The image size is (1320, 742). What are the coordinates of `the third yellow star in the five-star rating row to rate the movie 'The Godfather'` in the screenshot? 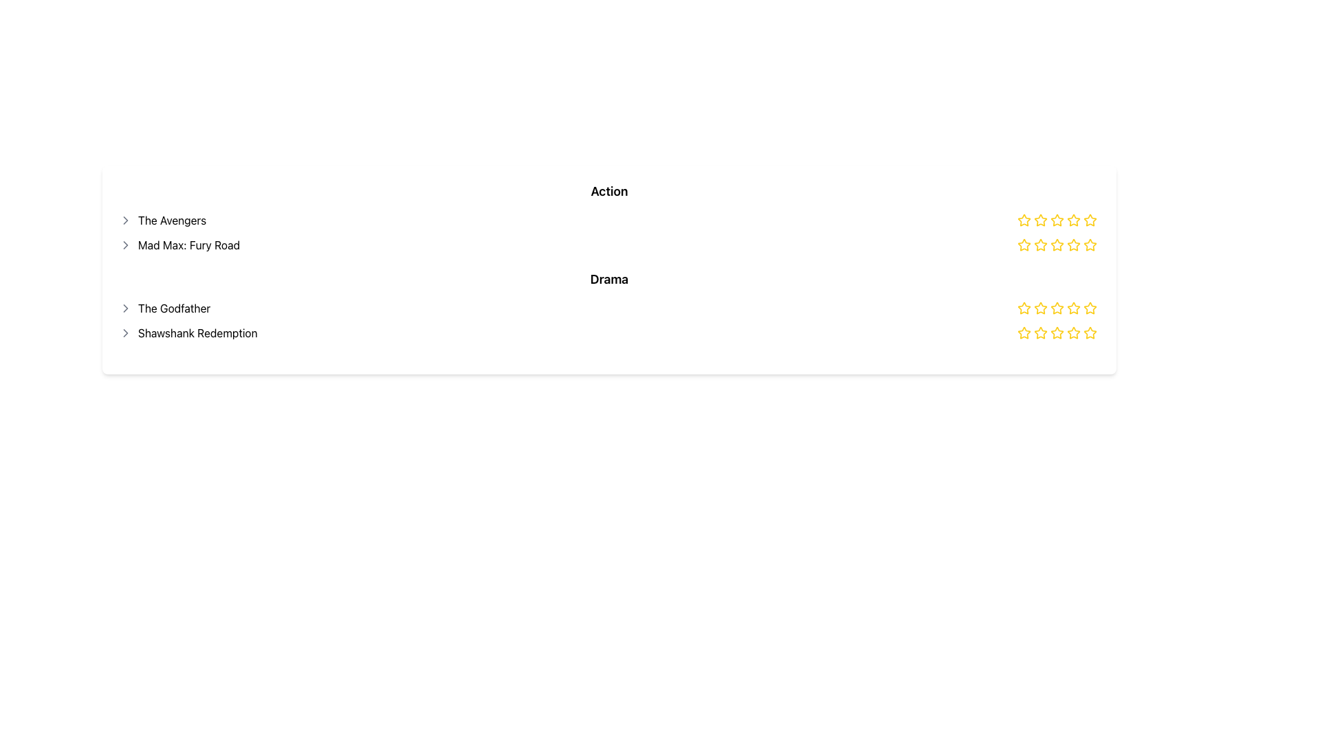 It's located at (1040, 307).